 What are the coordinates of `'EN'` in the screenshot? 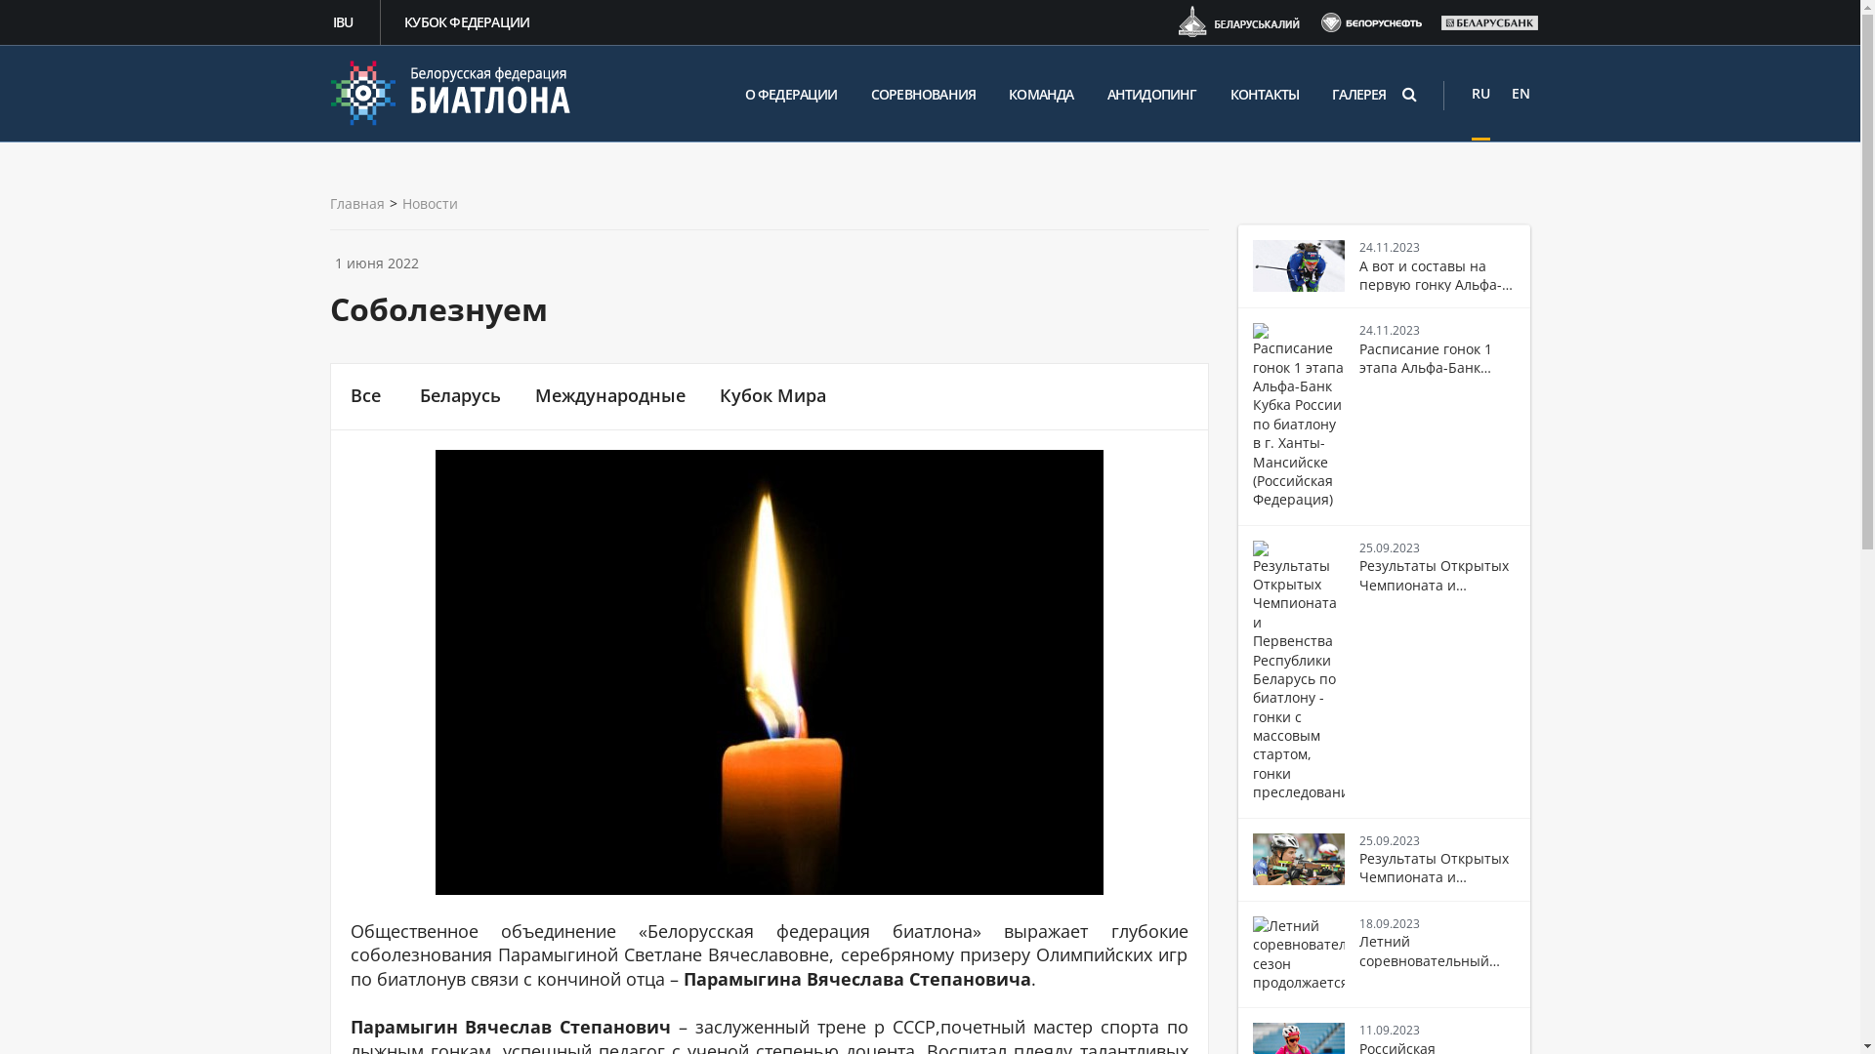 It's located at (1520, 93).